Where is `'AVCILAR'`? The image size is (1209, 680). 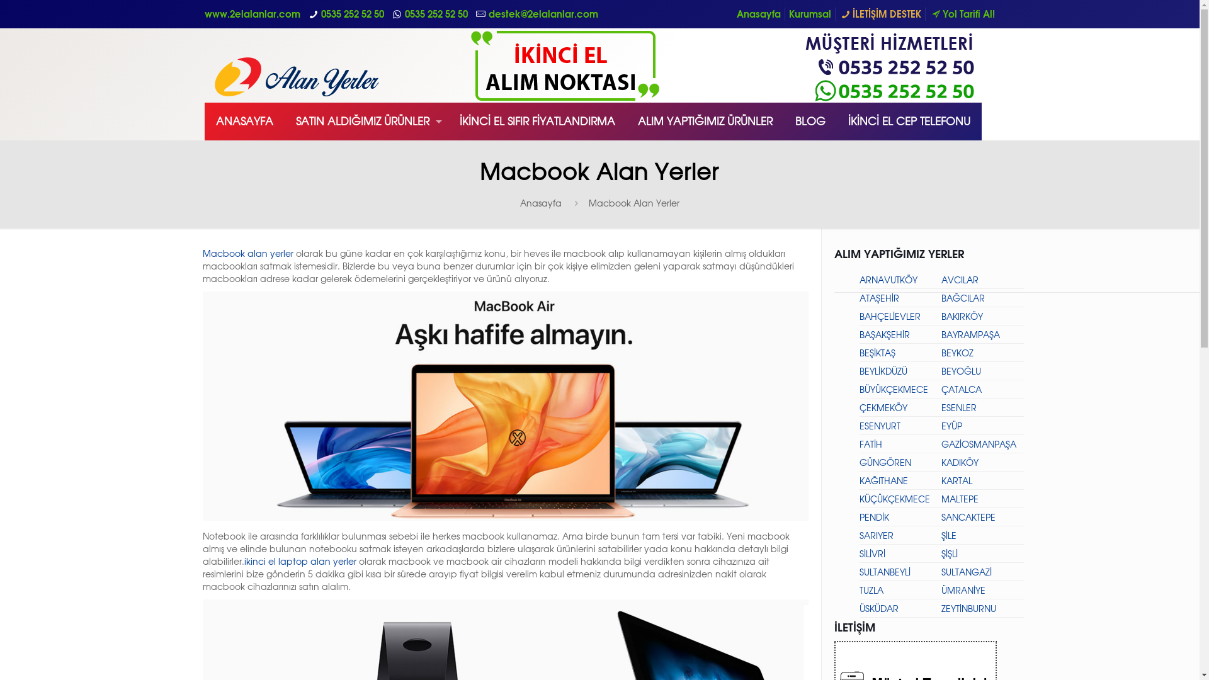
'AVCILAR' is located at coordinates (959, 279).